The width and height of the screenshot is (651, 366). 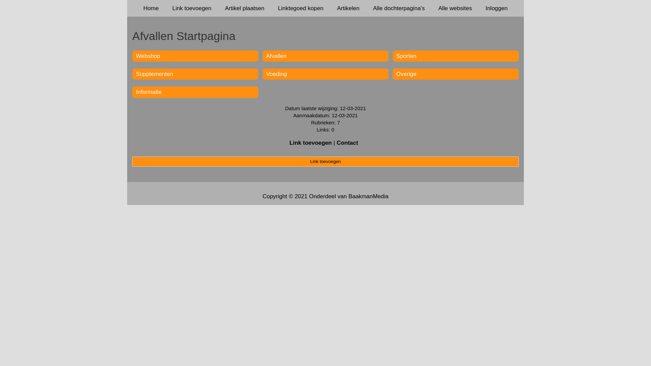 I want to click on 'Inloggen', so click(x=496, y=8).